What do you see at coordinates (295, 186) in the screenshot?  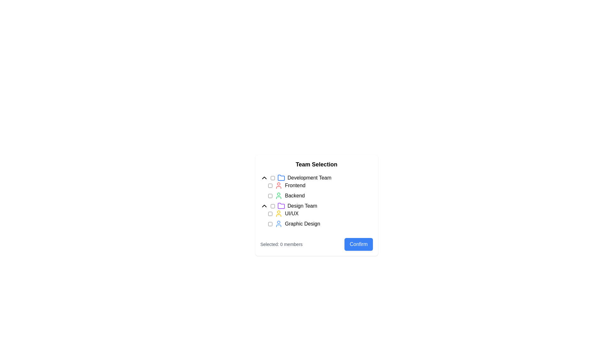 I see `the 'Frontend' text label, which is located in the second row under the 'Development Team' header, adjacent to a checkbox and a user-profile icon` at bounding box center [295, 186].